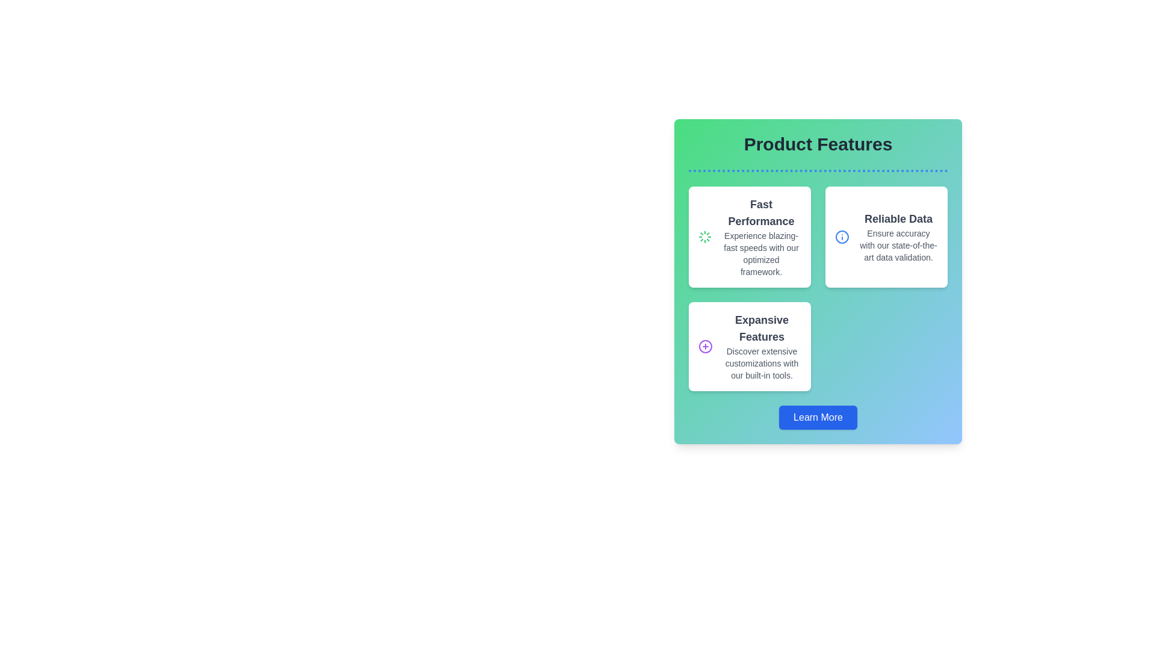  I want to click on the text label styled with bold font and larger size that says 'Reliable Data' located at the top of the rightmost card in the grid layout, so click(898, 218).